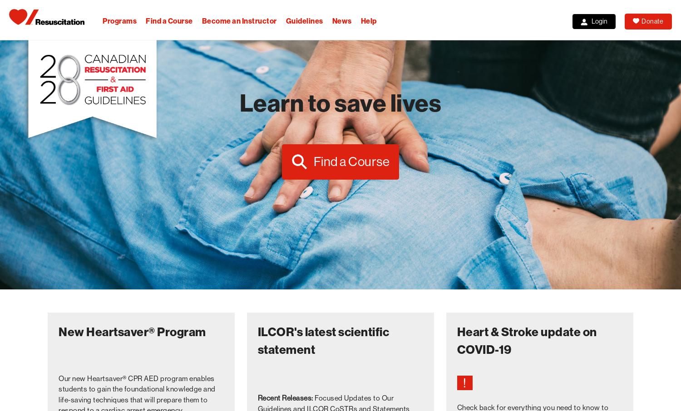 This screenshot has height=411, width=681. What do you see at coordinates (239, 21) in the screenshot?
I see `'Become an Instructor'` at bounding box center [239, 21].